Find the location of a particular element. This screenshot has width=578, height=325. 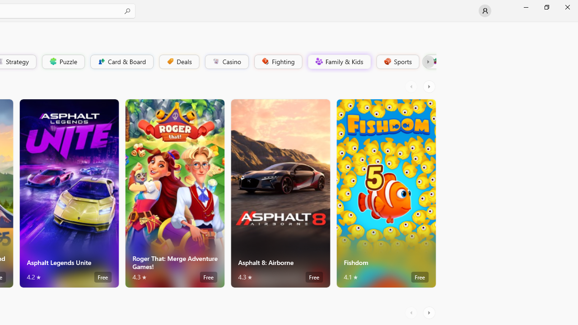

'Sports' is located at coordinates (397, 61).